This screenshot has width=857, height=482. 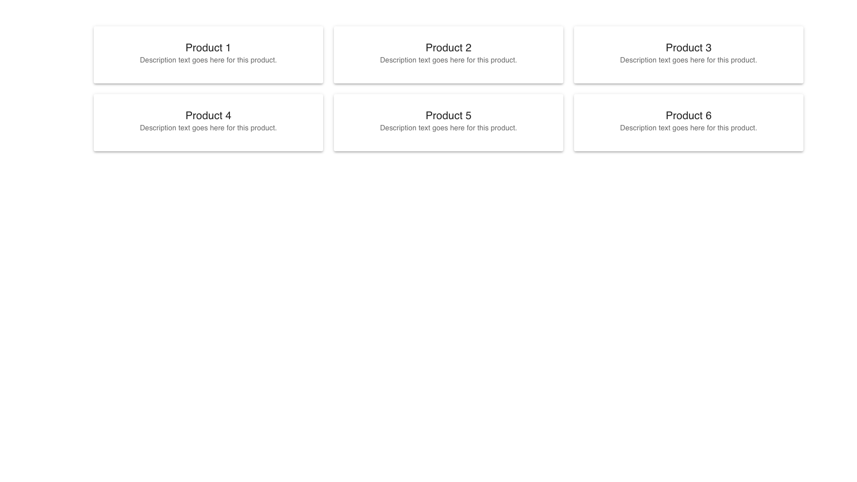 What do you see at coordinates (688, 115) in the screenshot?
I see `the text label that identifies the product in the bottom-right position of a 2x3 grid layout of cards, which is the last card in the structure` at bounding box center [688, 115].